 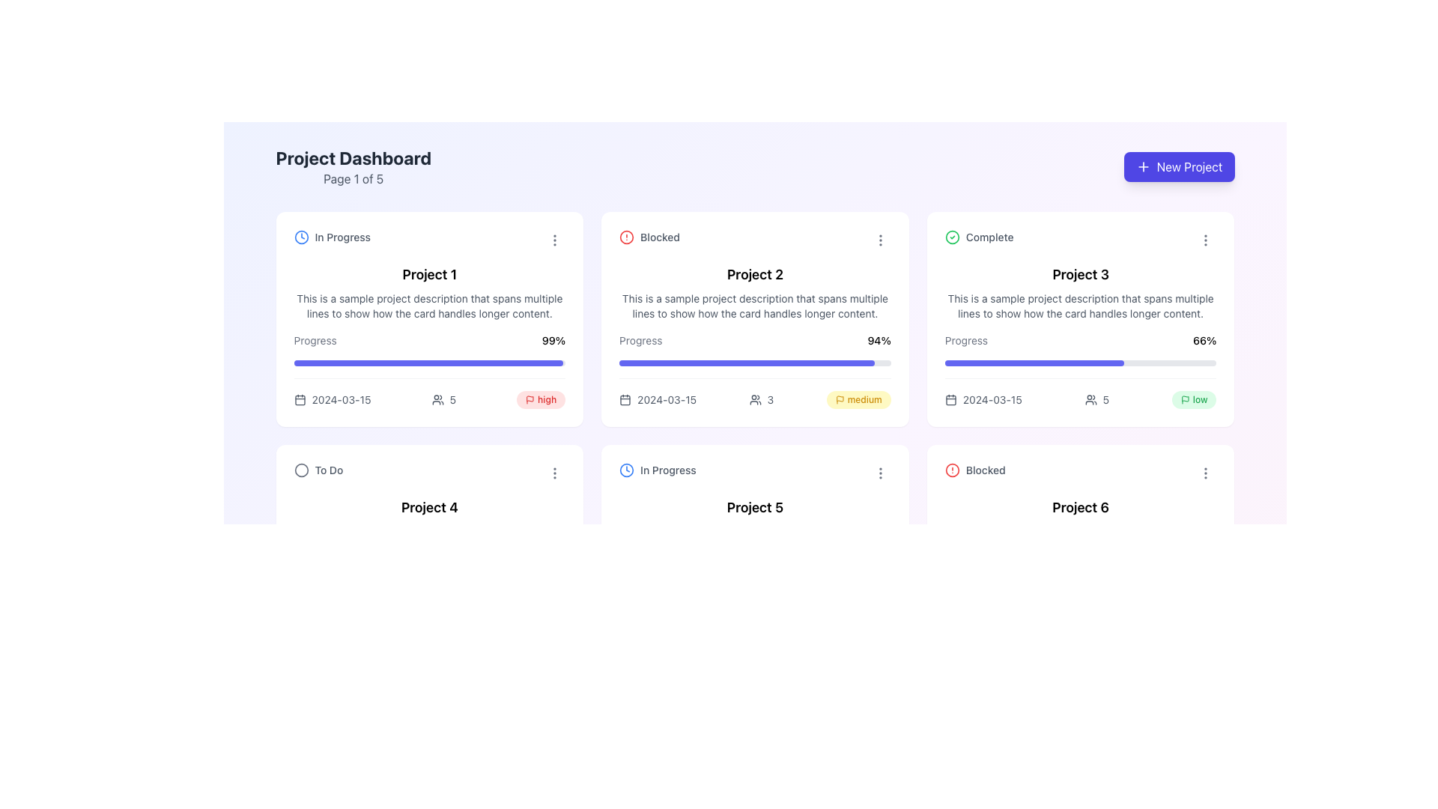 What do you see at coordinates (341, 399) in the screenshot?
I see `the text label displaying the date in the leftmost project card of the top row, located at the bottom-left corner adjacent to a calendar icon` at bounding box center [341, 399].